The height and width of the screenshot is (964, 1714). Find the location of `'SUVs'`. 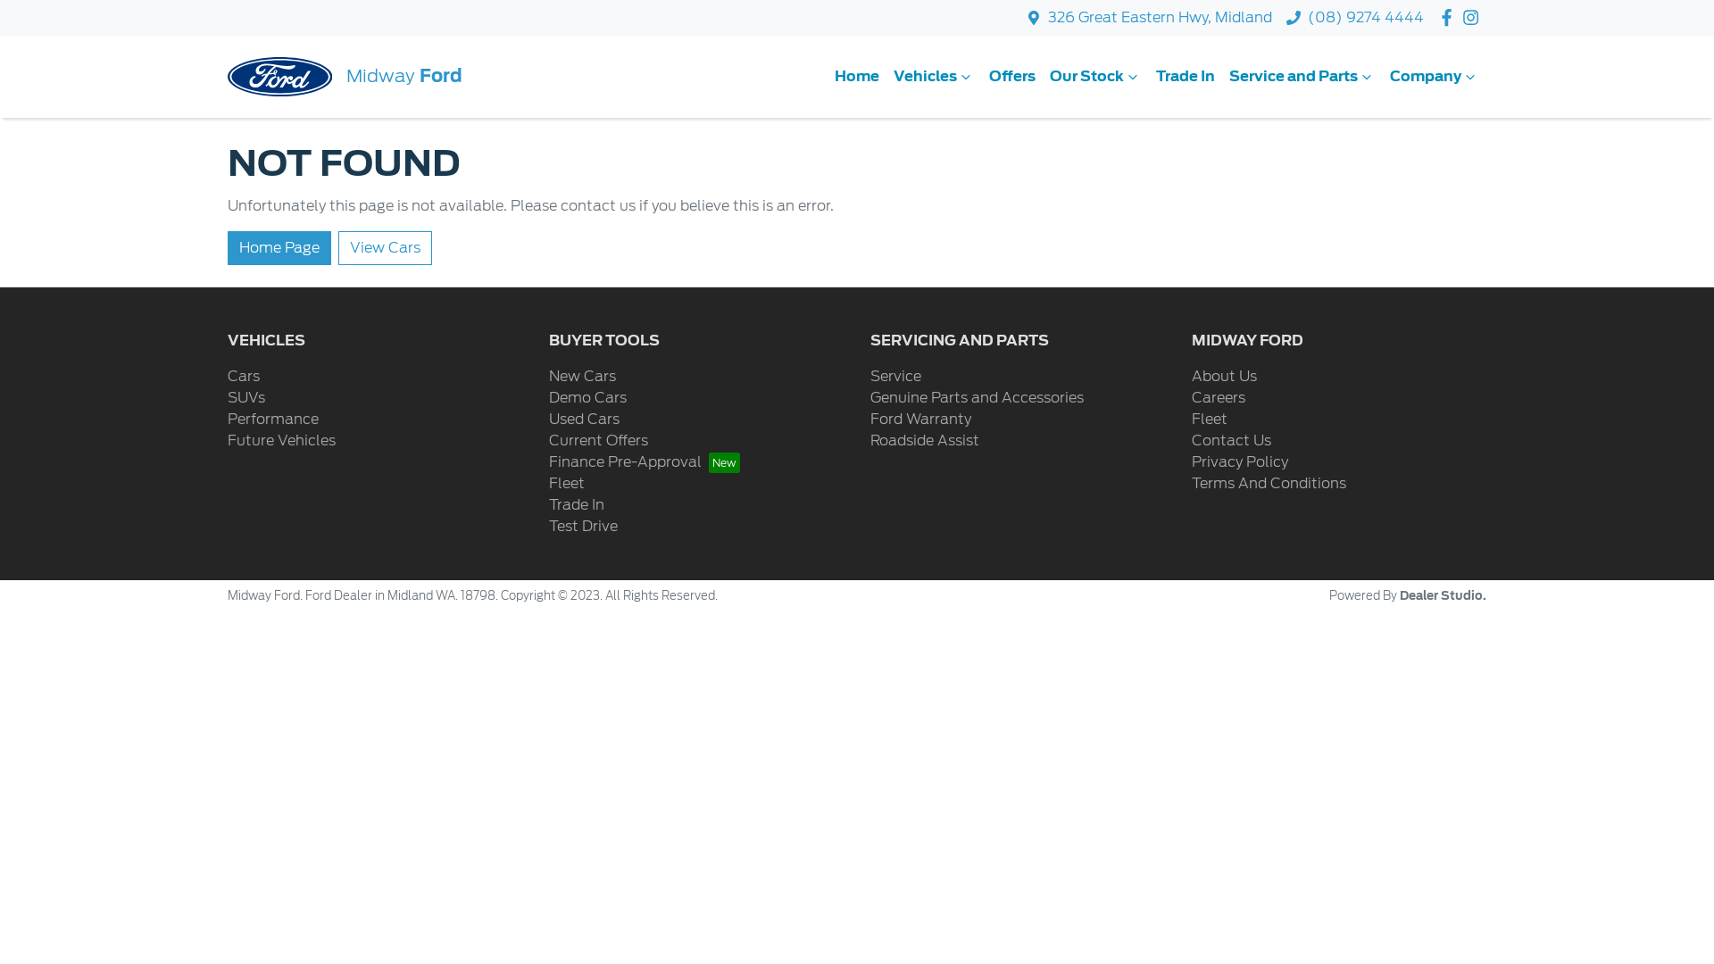

'SUVs' is located at coordinates (245, 396).